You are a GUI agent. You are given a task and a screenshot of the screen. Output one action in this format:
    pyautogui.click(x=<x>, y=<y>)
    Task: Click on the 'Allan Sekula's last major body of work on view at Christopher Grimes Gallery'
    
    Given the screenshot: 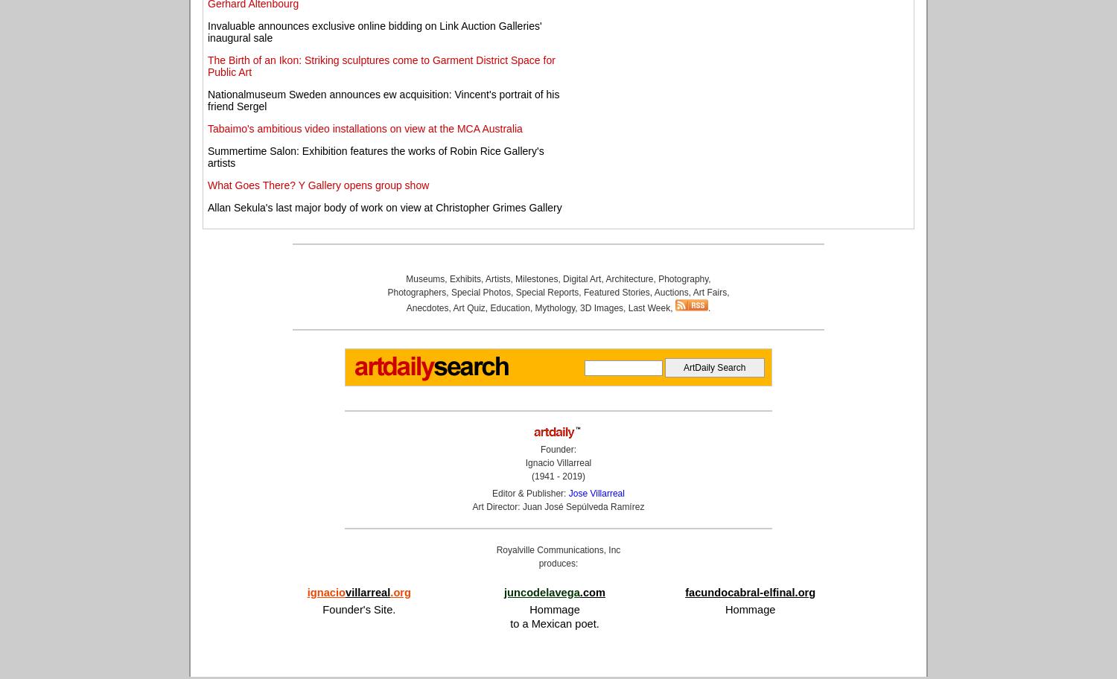 What is the action you would take?
    pyautogui.click(x=208, y=205)
    